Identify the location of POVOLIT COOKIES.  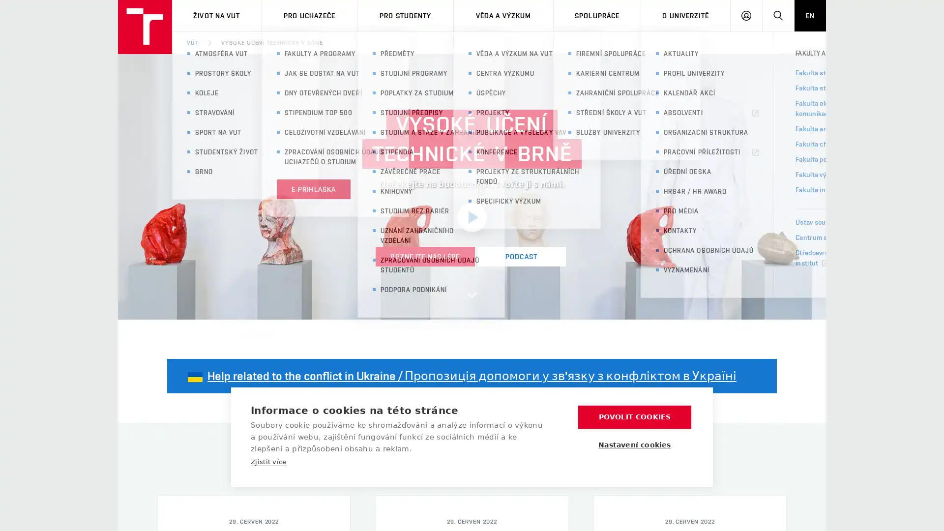
(635, 417).